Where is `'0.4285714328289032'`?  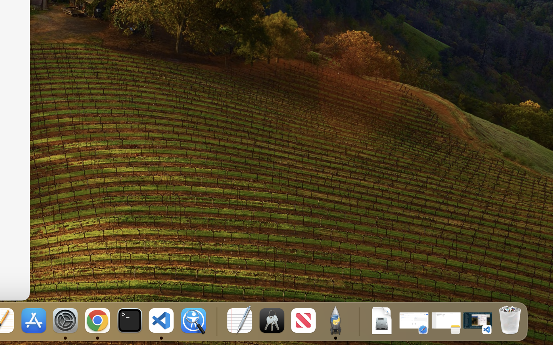 '0.4285714328289032' is located at coordinates (216, 321).